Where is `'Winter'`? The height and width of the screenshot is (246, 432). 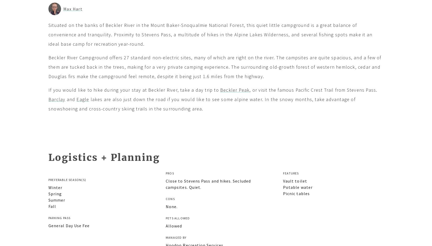 'Winter' is located at coordinates (48, 187).